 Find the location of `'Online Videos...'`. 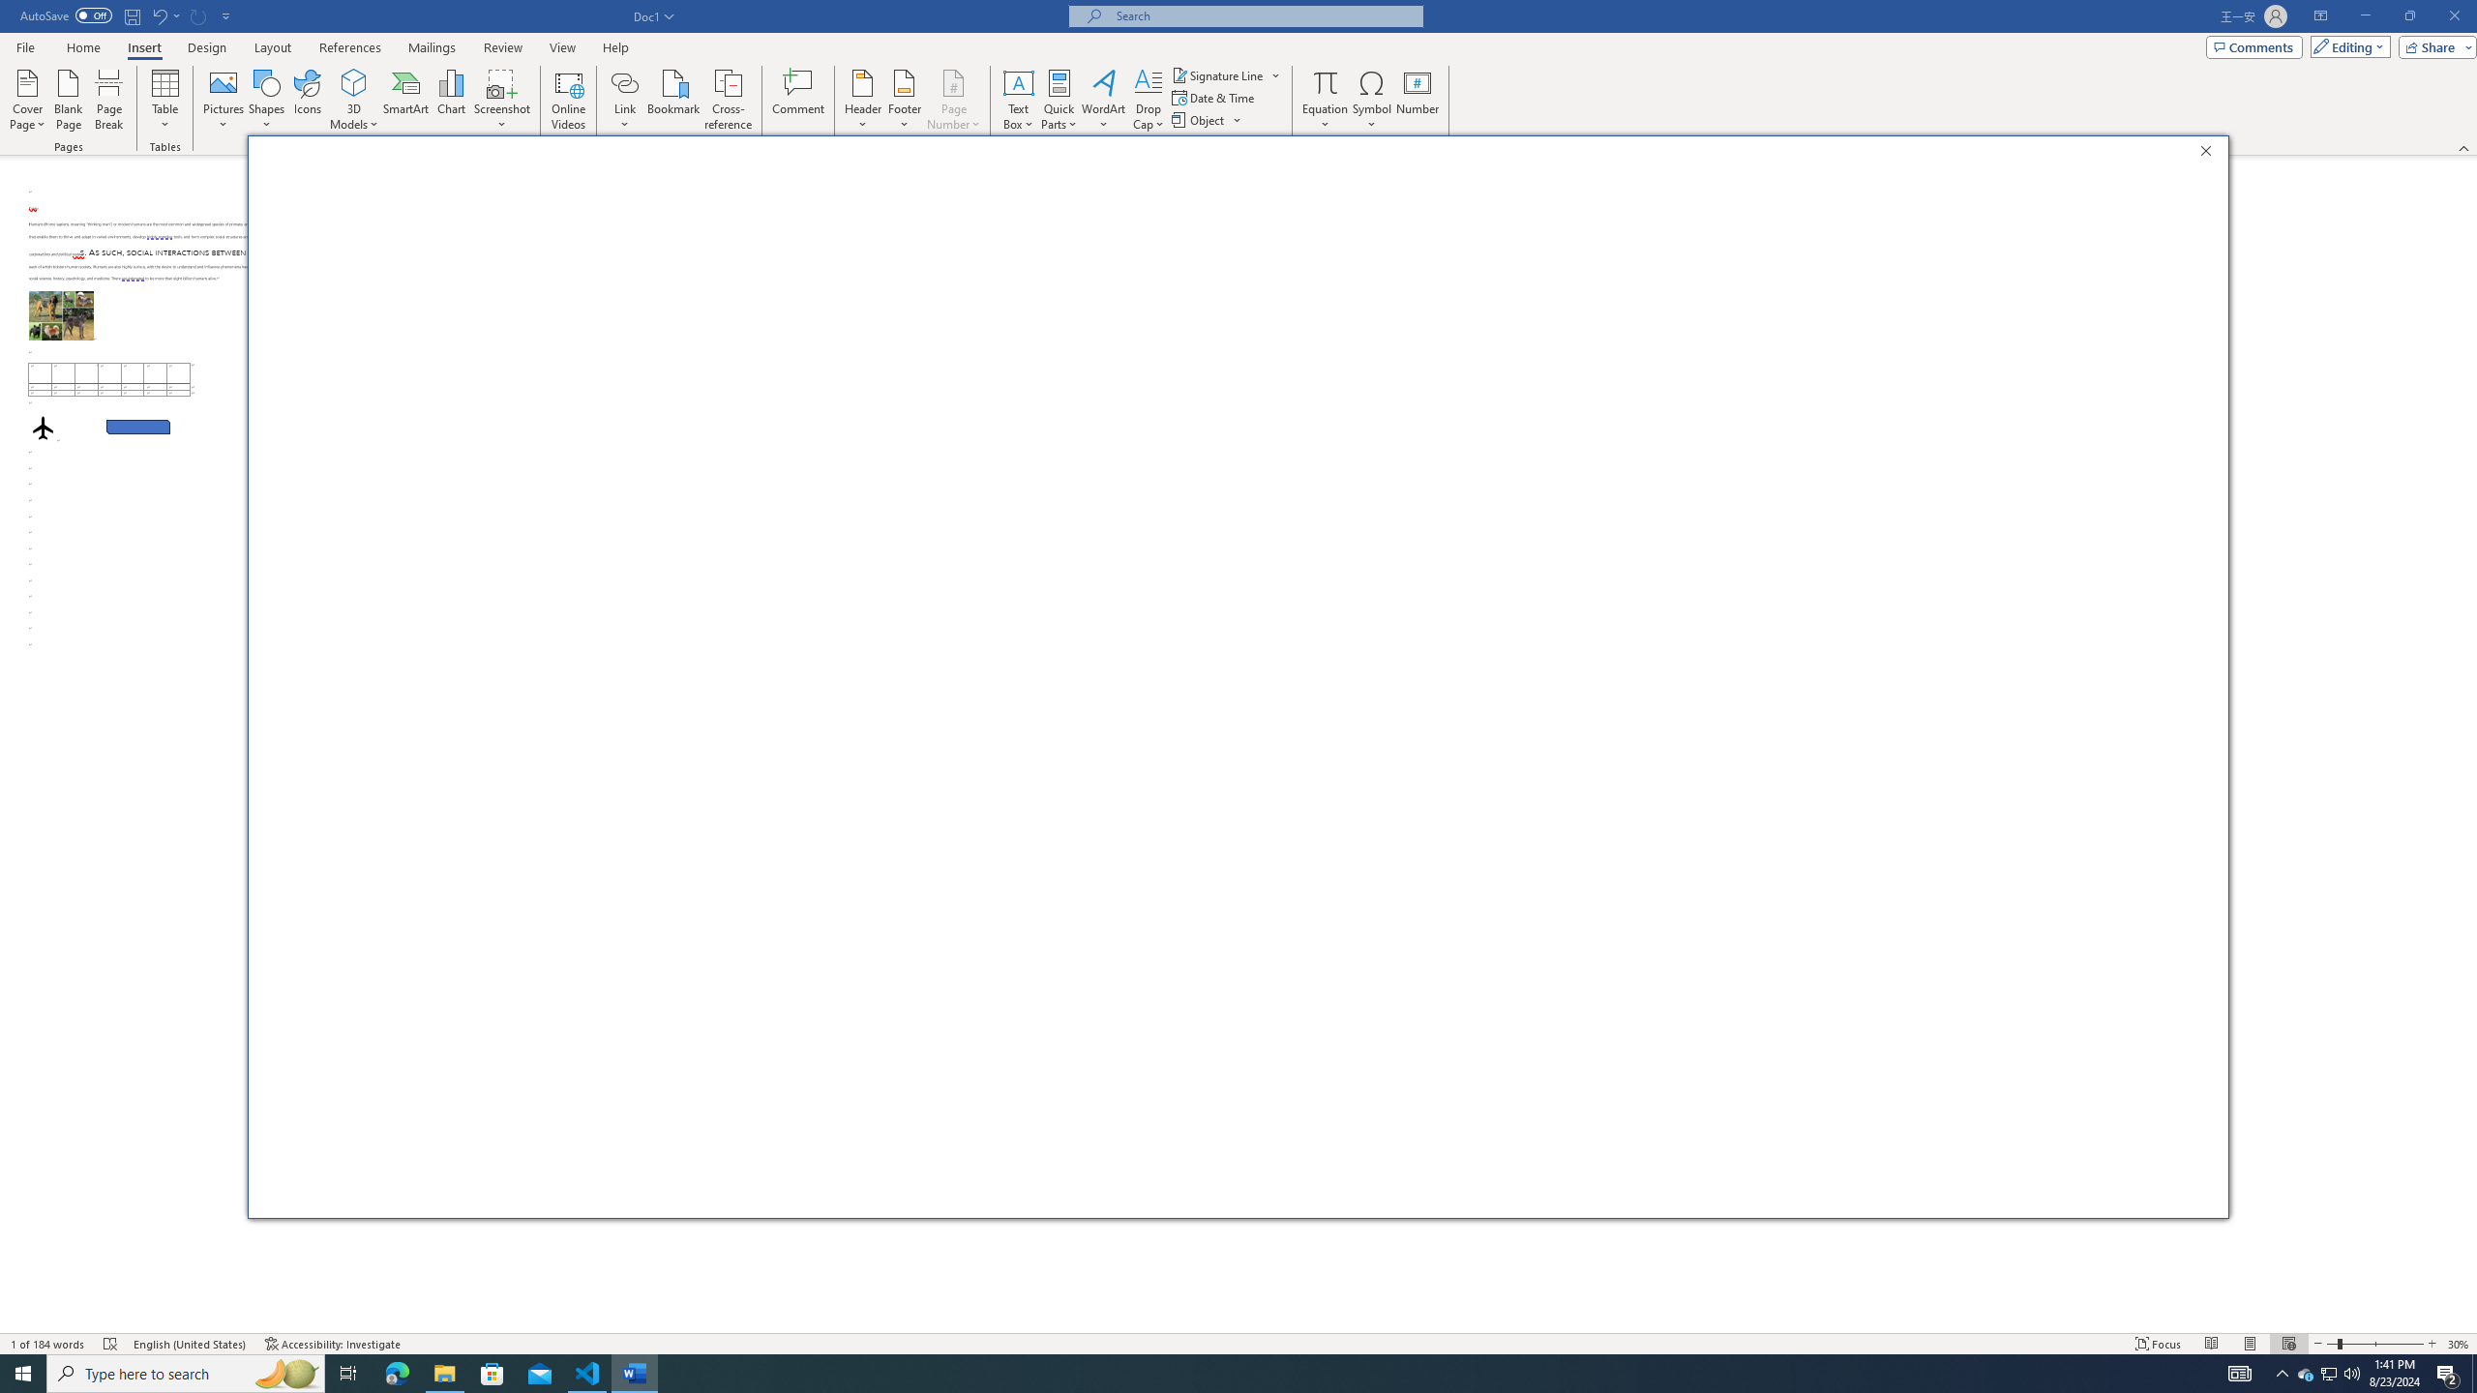

'Online Videos...' is located at coordinates (568, 100).